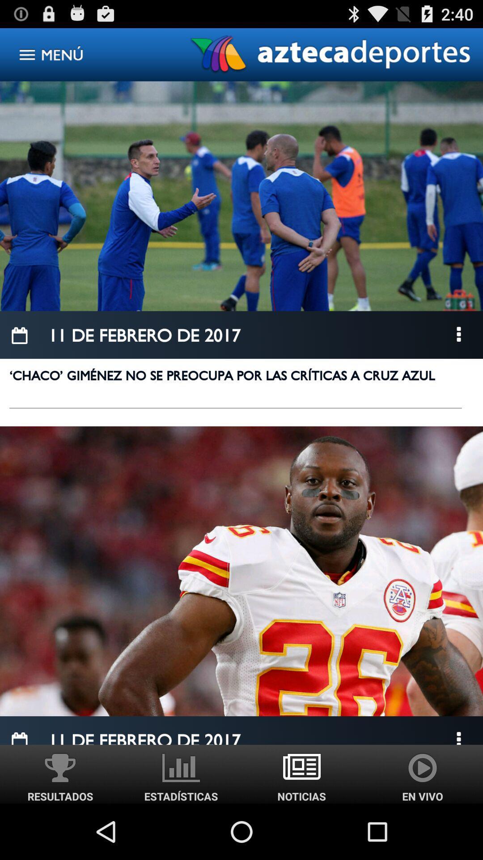  Describe the element at coordinates (459, 335) in the screenshot. I see `options` at that location.